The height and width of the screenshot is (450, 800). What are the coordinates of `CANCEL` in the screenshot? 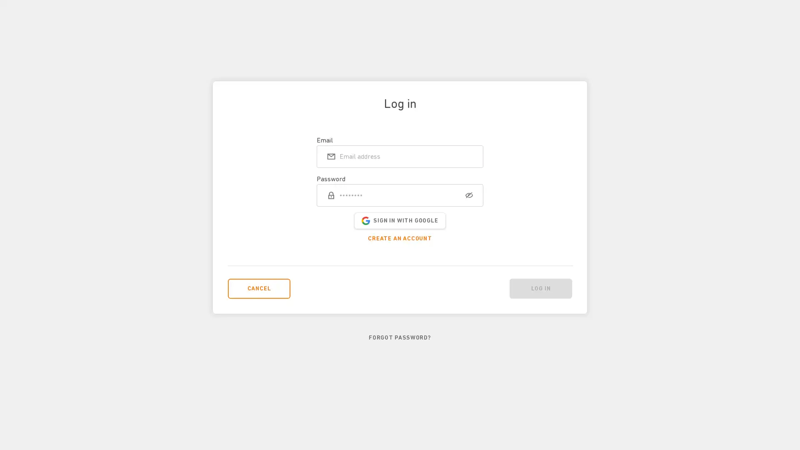 It's located at (259, 288).